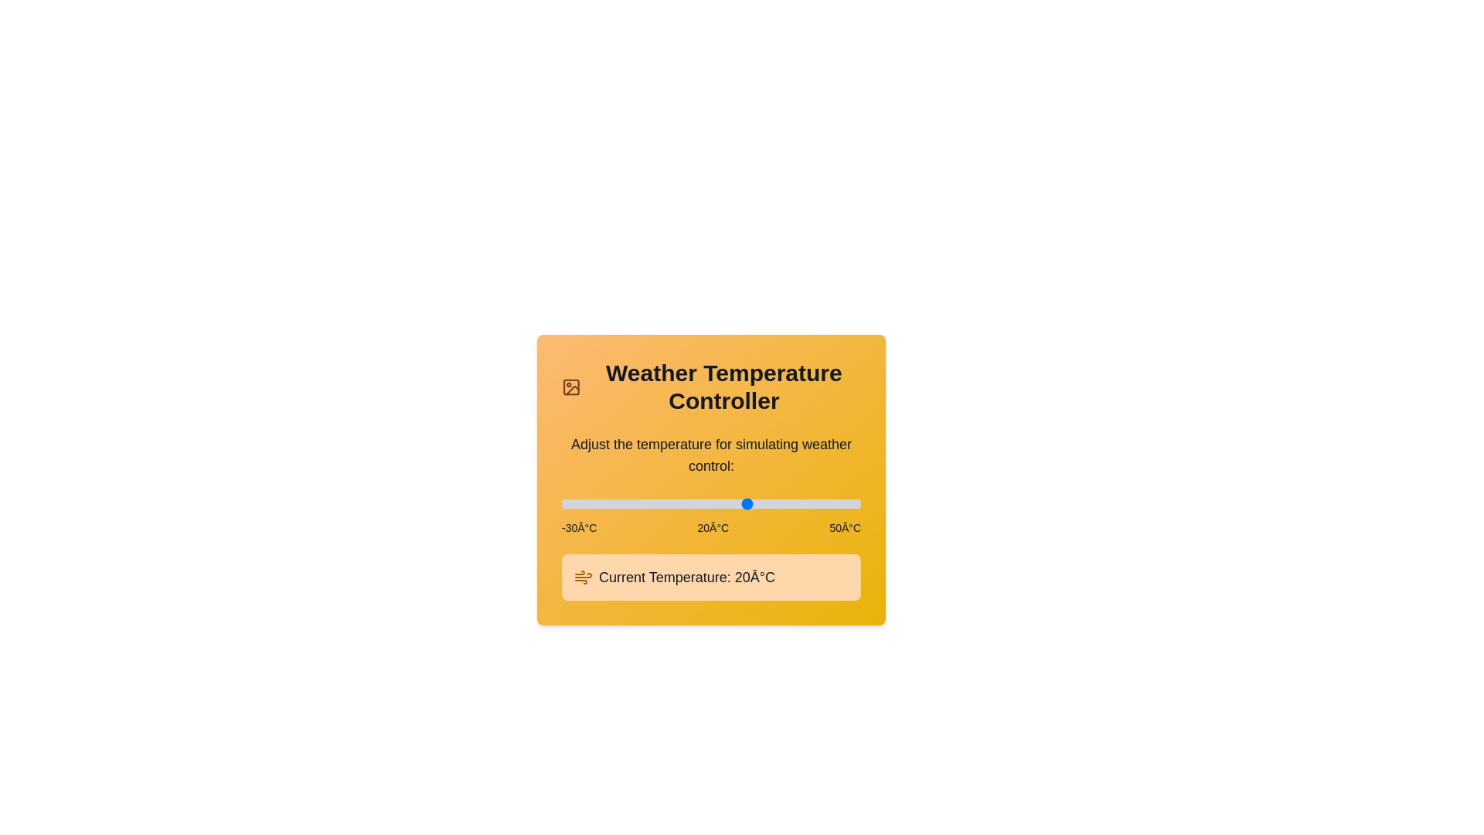  What do you see at coordinates (812, 503) in the screenshot?
I see `the temperature slider to set the temperature to 37°C` at bounding box center [812, 503].